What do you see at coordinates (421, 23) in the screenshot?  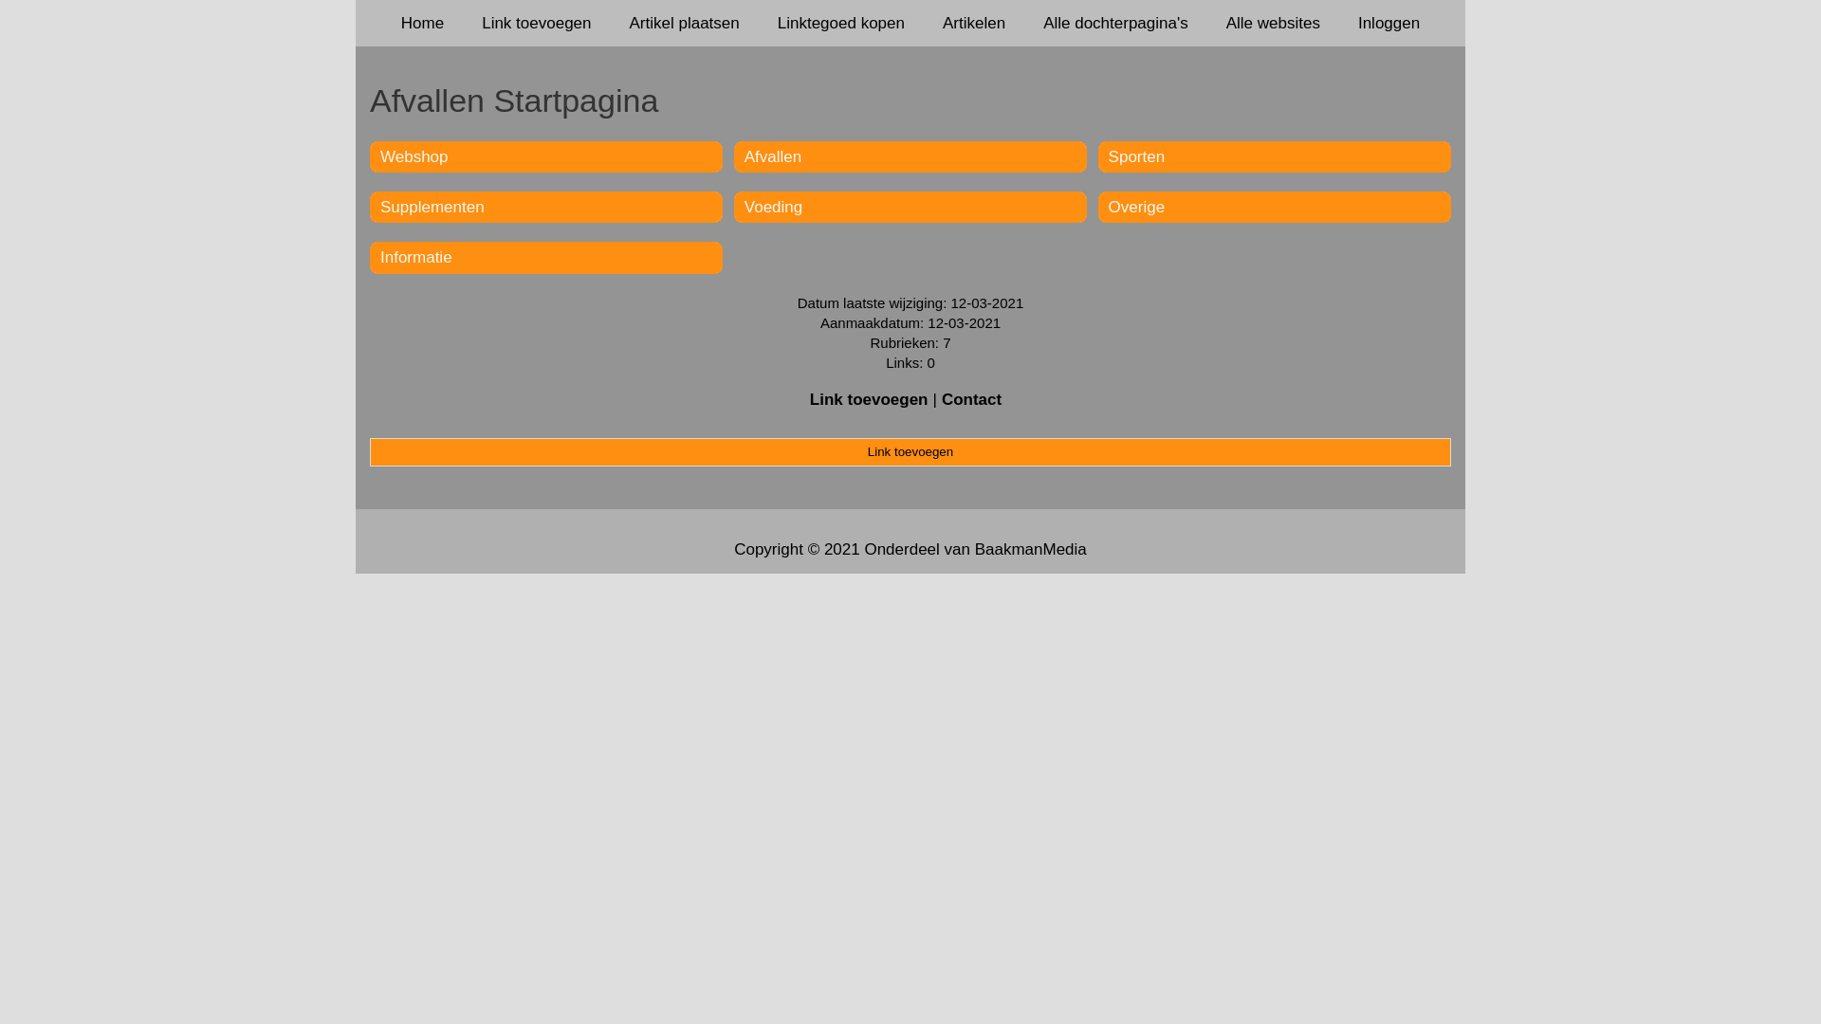 I see `'Home'` at bounding box center [421, 23].